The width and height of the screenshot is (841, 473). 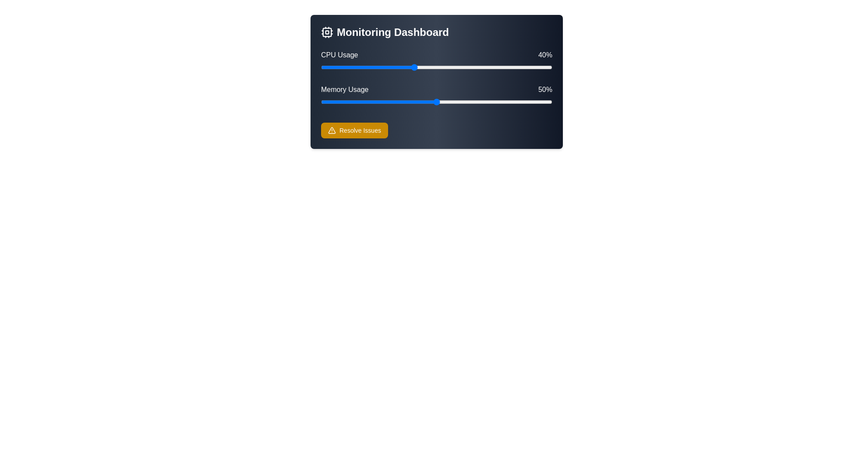 I want to click on the 'Resolve Issues' button with a yellow background and white text, so click(x=354, y=130).